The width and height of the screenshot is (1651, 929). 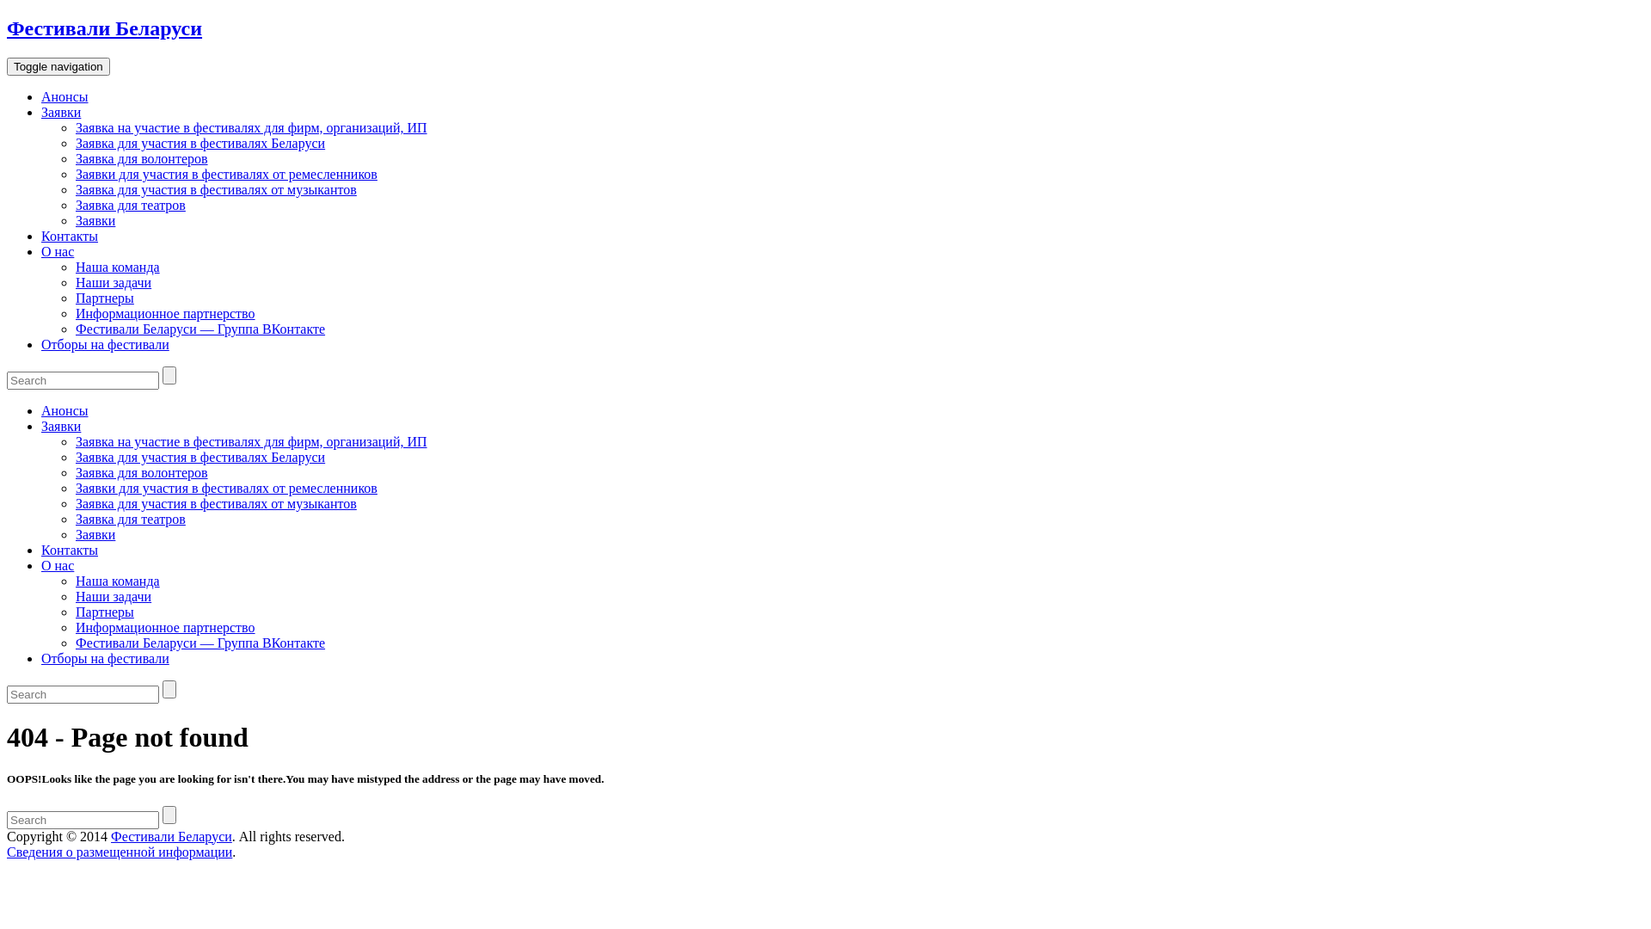 I want to click on 'Toggle navigation', so click(x=58, y=65).